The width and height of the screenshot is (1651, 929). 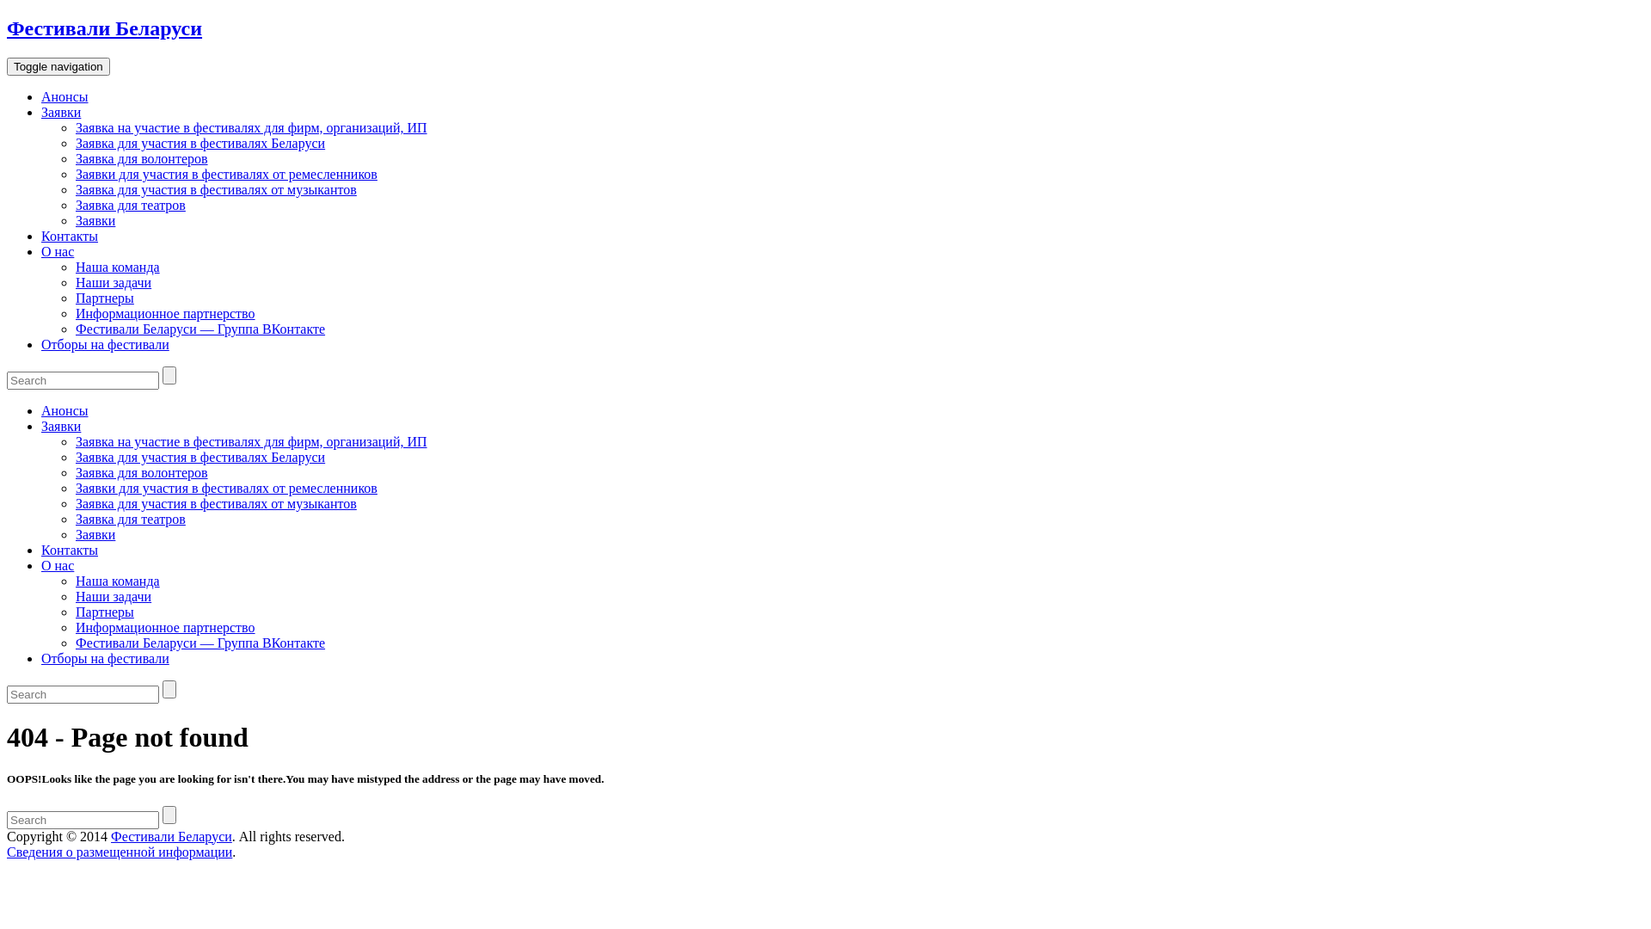 I want to click on 'Toggle navigation', so click(x=58, y=65).